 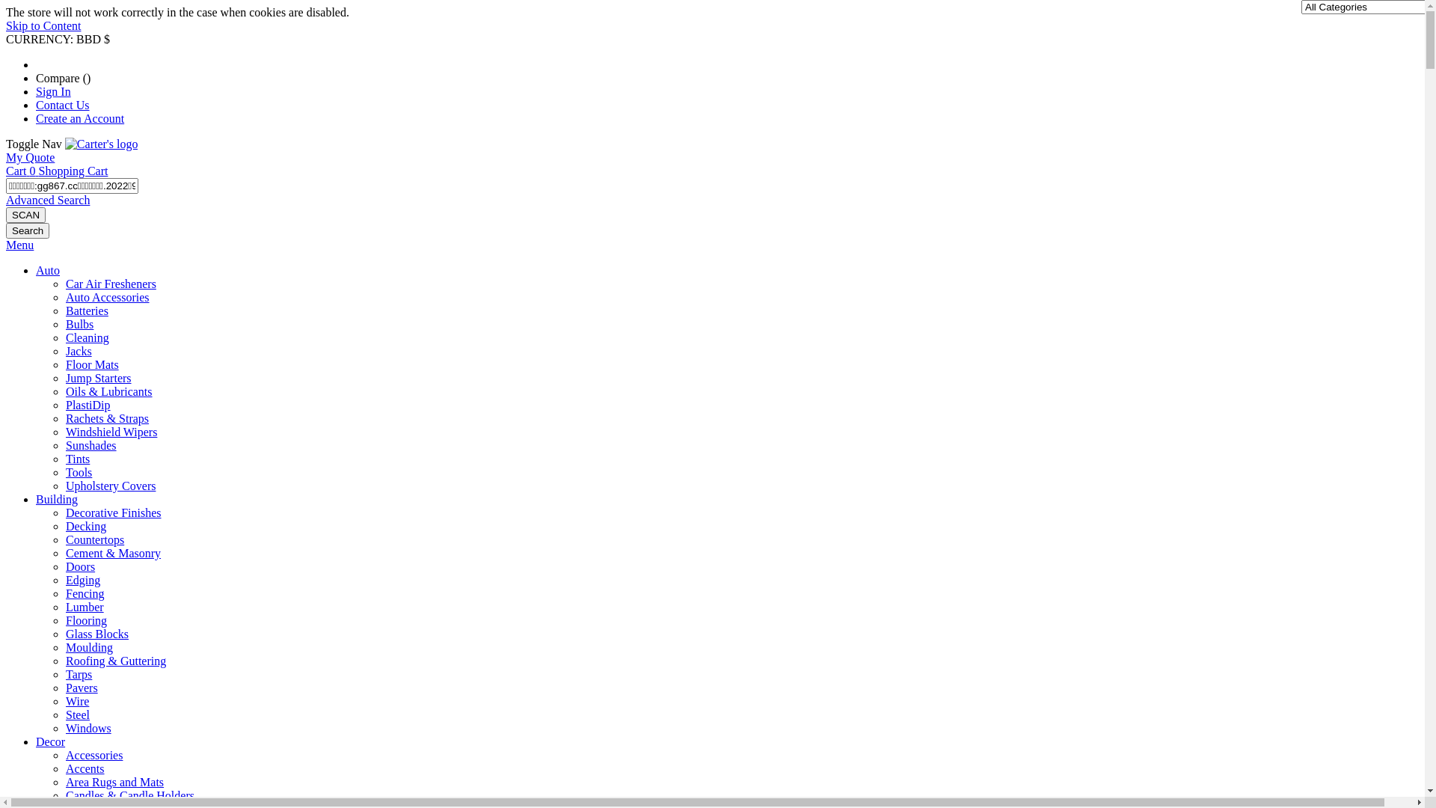 I want to click on 'Tools', so click(x=78, y=472).